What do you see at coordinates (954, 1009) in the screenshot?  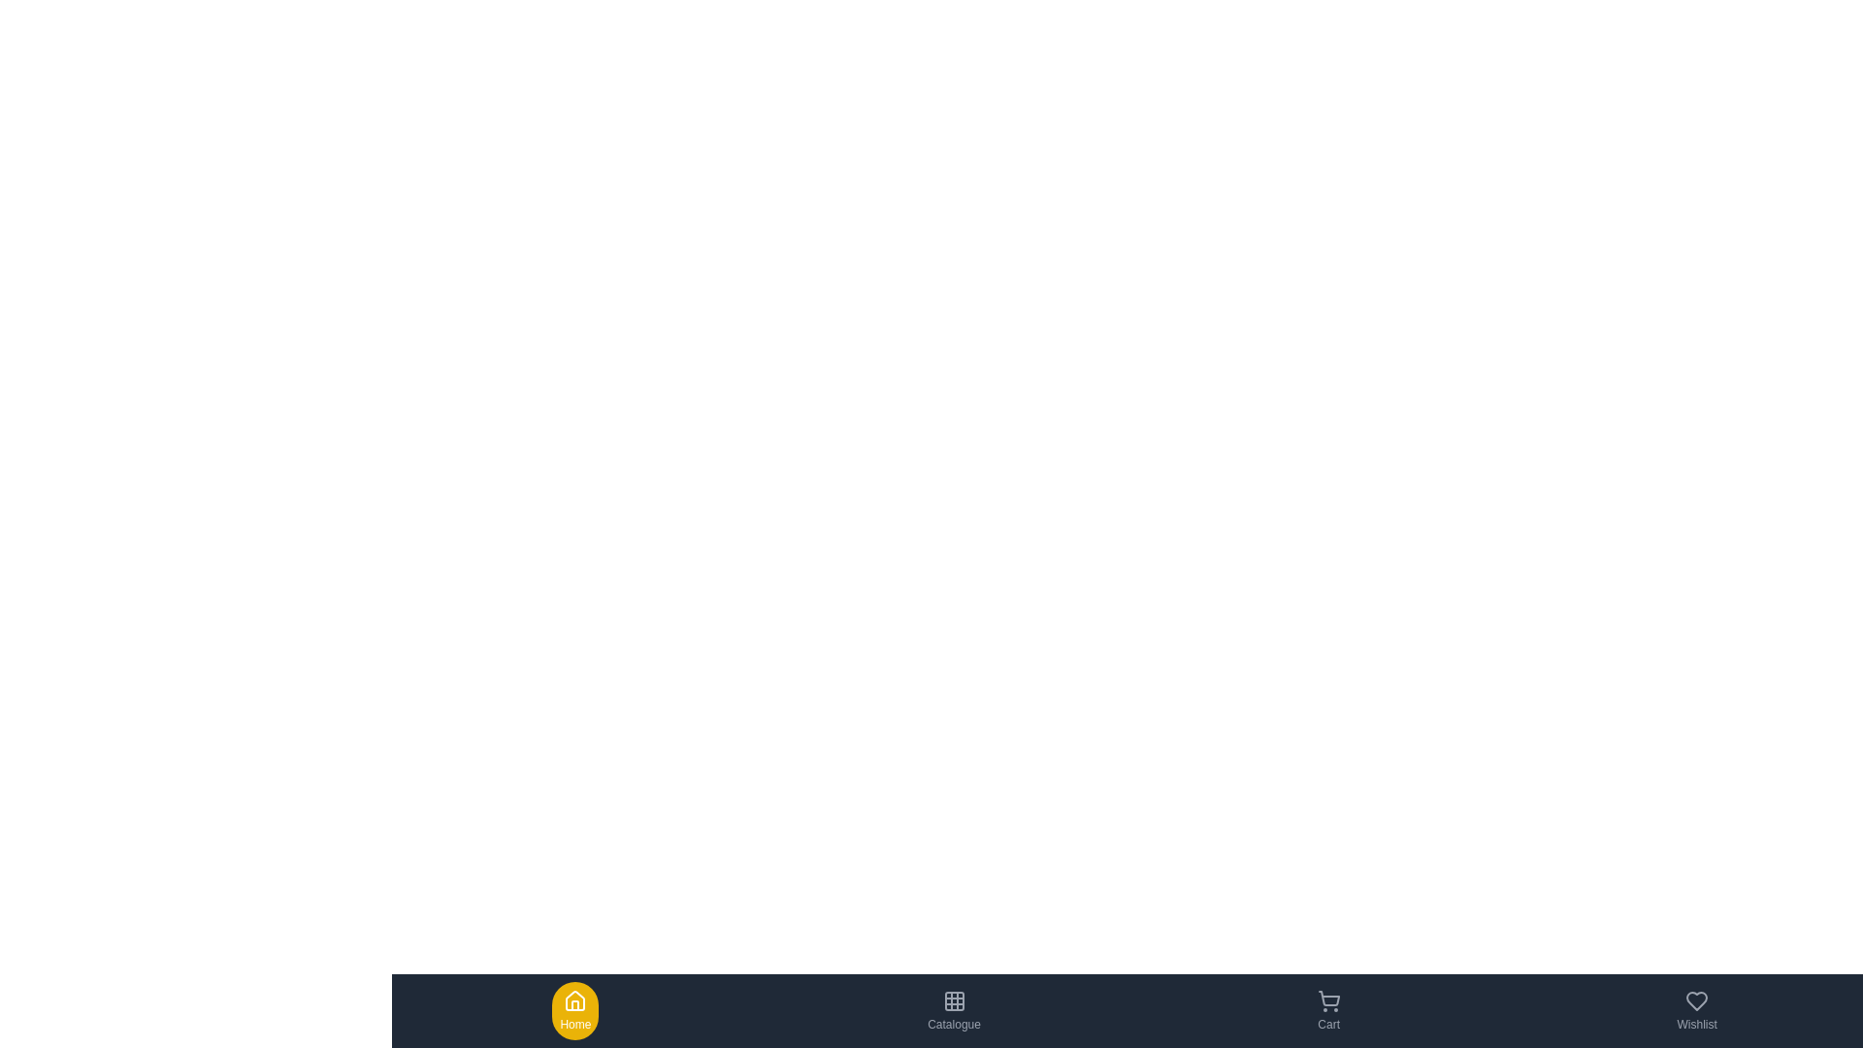 I see `the Catalogue tab to navigate to its section` at bounding box center [954, 1009].